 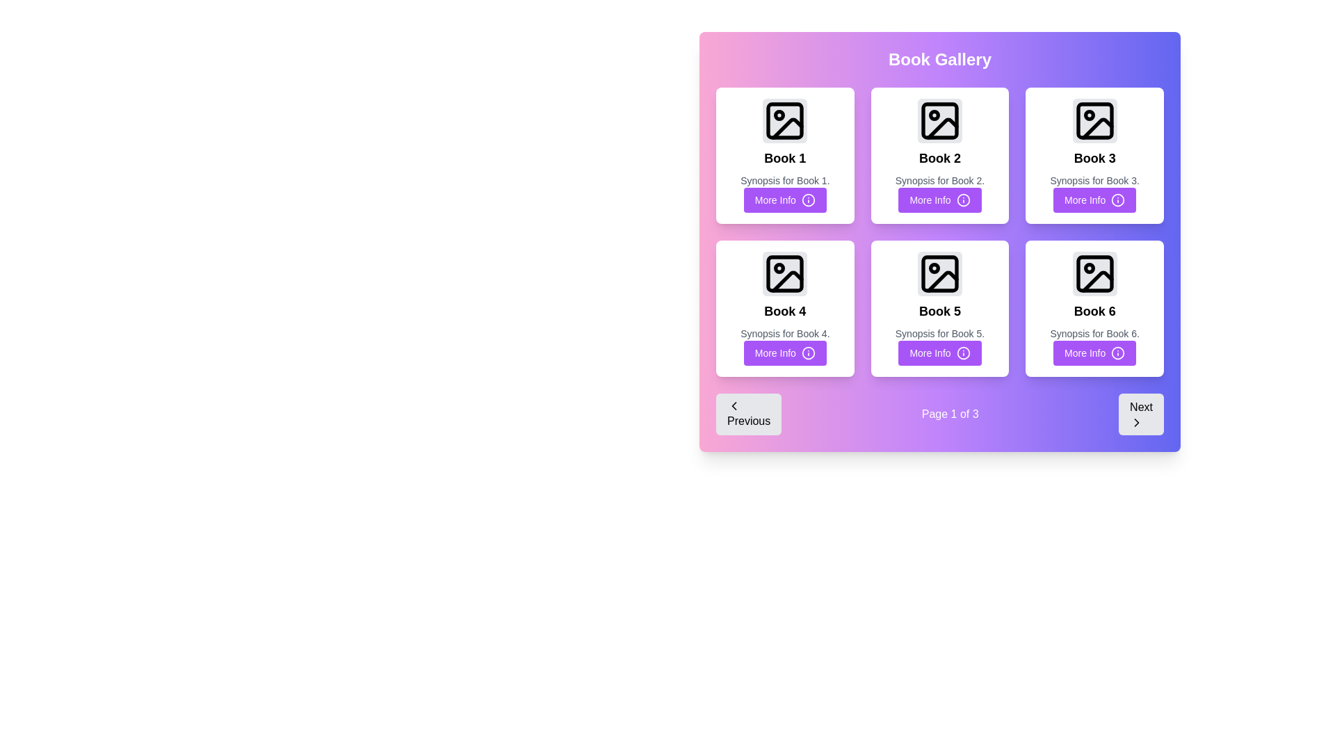 What do you see at coordinates (940, 157) in the screenshot?
I see `the text label that identifies the book displayed in the grid, located in the second tile of the first row, situated directly below the image placeholder` at bounding box center [940, 157].